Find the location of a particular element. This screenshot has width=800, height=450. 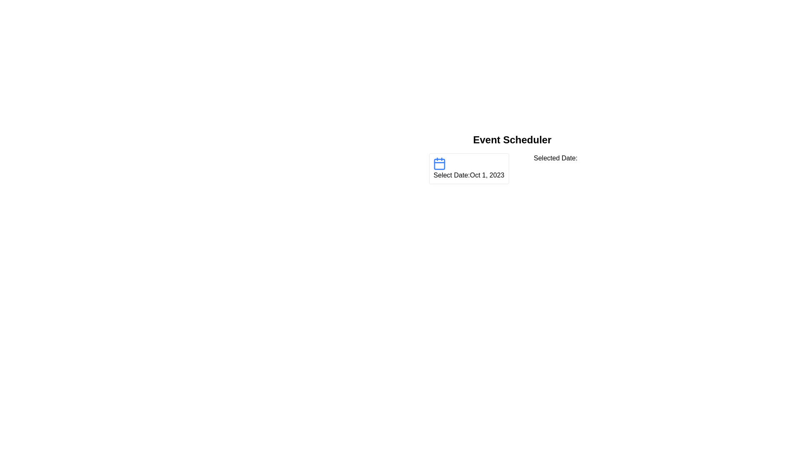

the calendar-shaped icon located to the left of the label 'Select Date: Oct 1, 2023' is located at coordinates (439, 164).